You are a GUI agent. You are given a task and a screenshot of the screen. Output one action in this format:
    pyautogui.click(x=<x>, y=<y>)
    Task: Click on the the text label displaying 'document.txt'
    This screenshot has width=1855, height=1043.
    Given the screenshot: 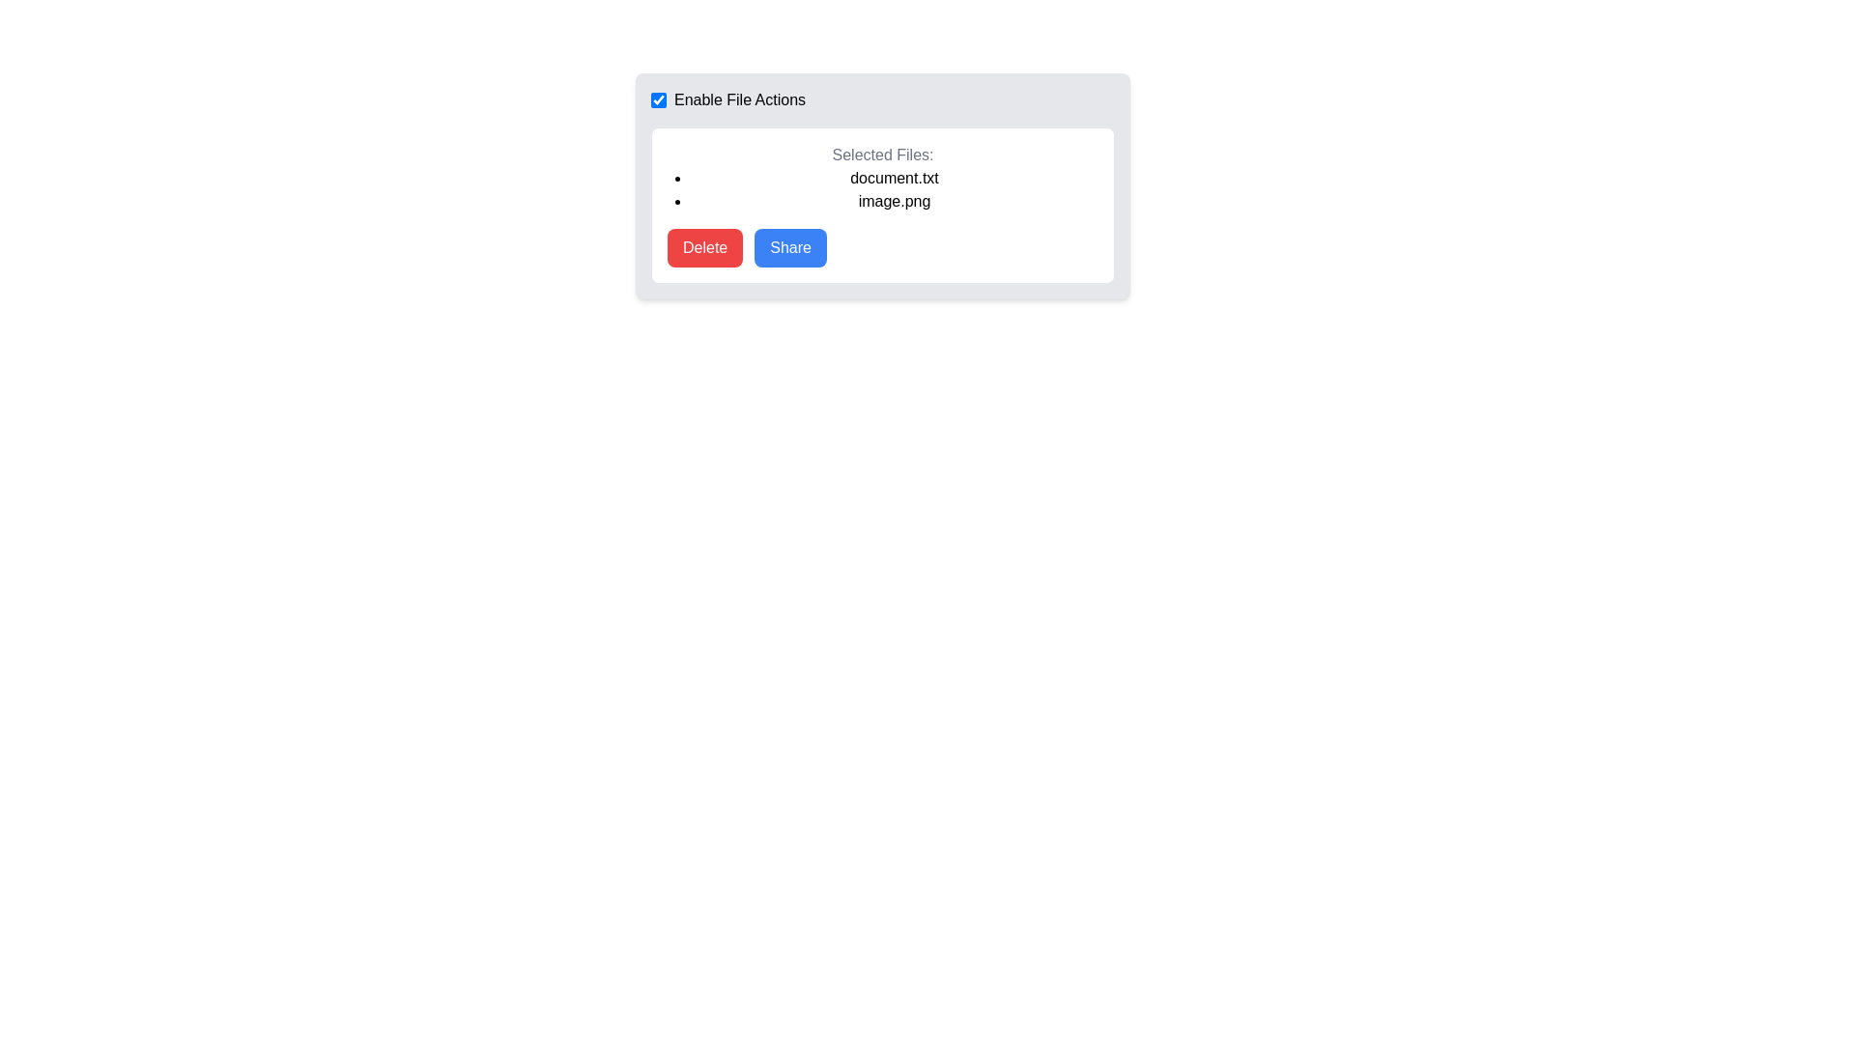 What is the action you would take?
    pyautogui.click(x=894, y=179)
    